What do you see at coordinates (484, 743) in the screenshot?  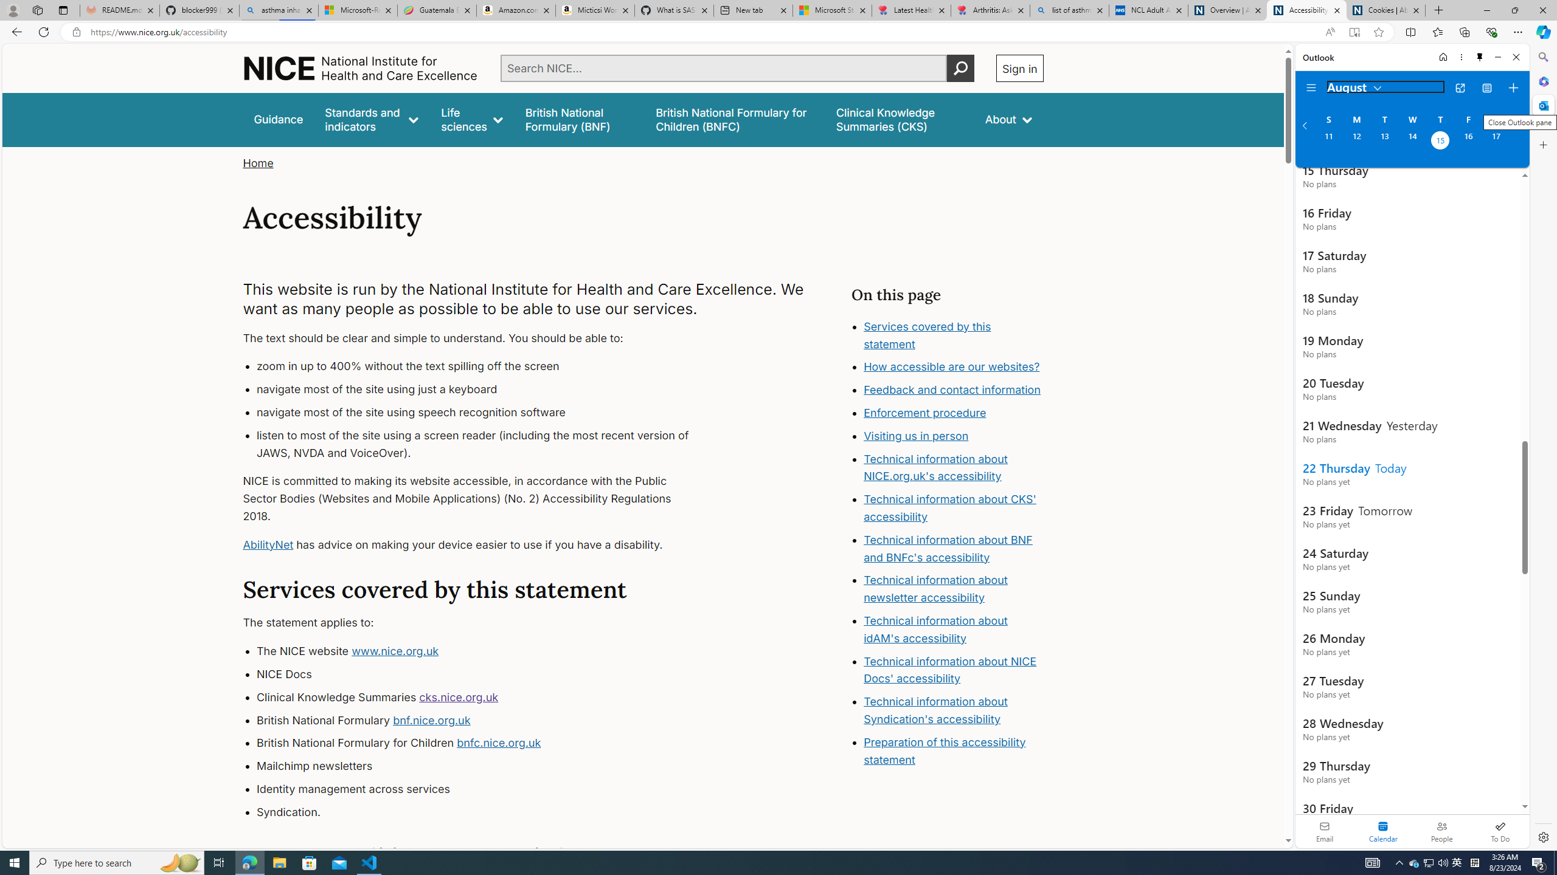 I see `'British National Formulary for Children bnfc.nice.org.uk'` at bounding box center [484, 743].